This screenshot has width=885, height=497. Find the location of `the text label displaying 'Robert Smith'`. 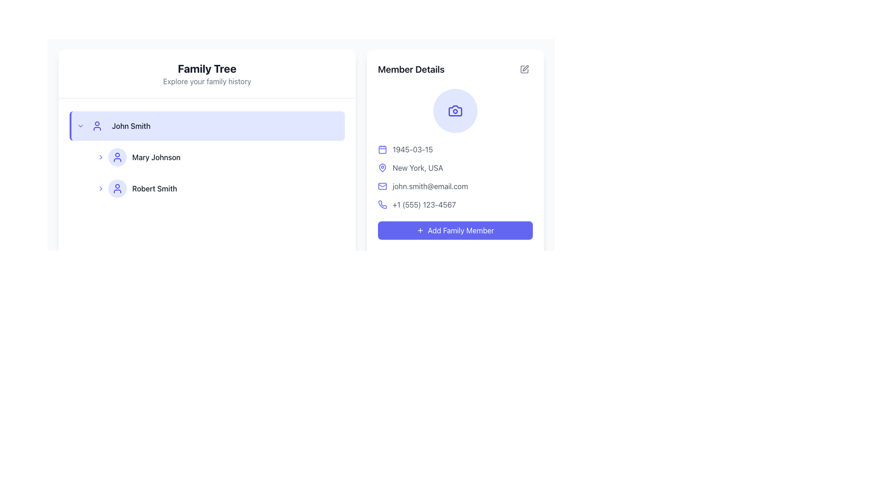

the text label displaying 'Robert Smith' is located at coordinates (154, 188).